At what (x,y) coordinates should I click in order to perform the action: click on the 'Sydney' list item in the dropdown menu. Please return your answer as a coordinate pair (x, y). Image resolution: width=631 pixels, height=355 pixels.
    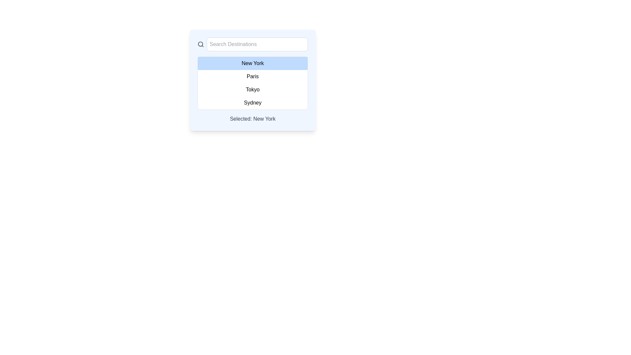
    Looking at the image, I should click on (252, 103).